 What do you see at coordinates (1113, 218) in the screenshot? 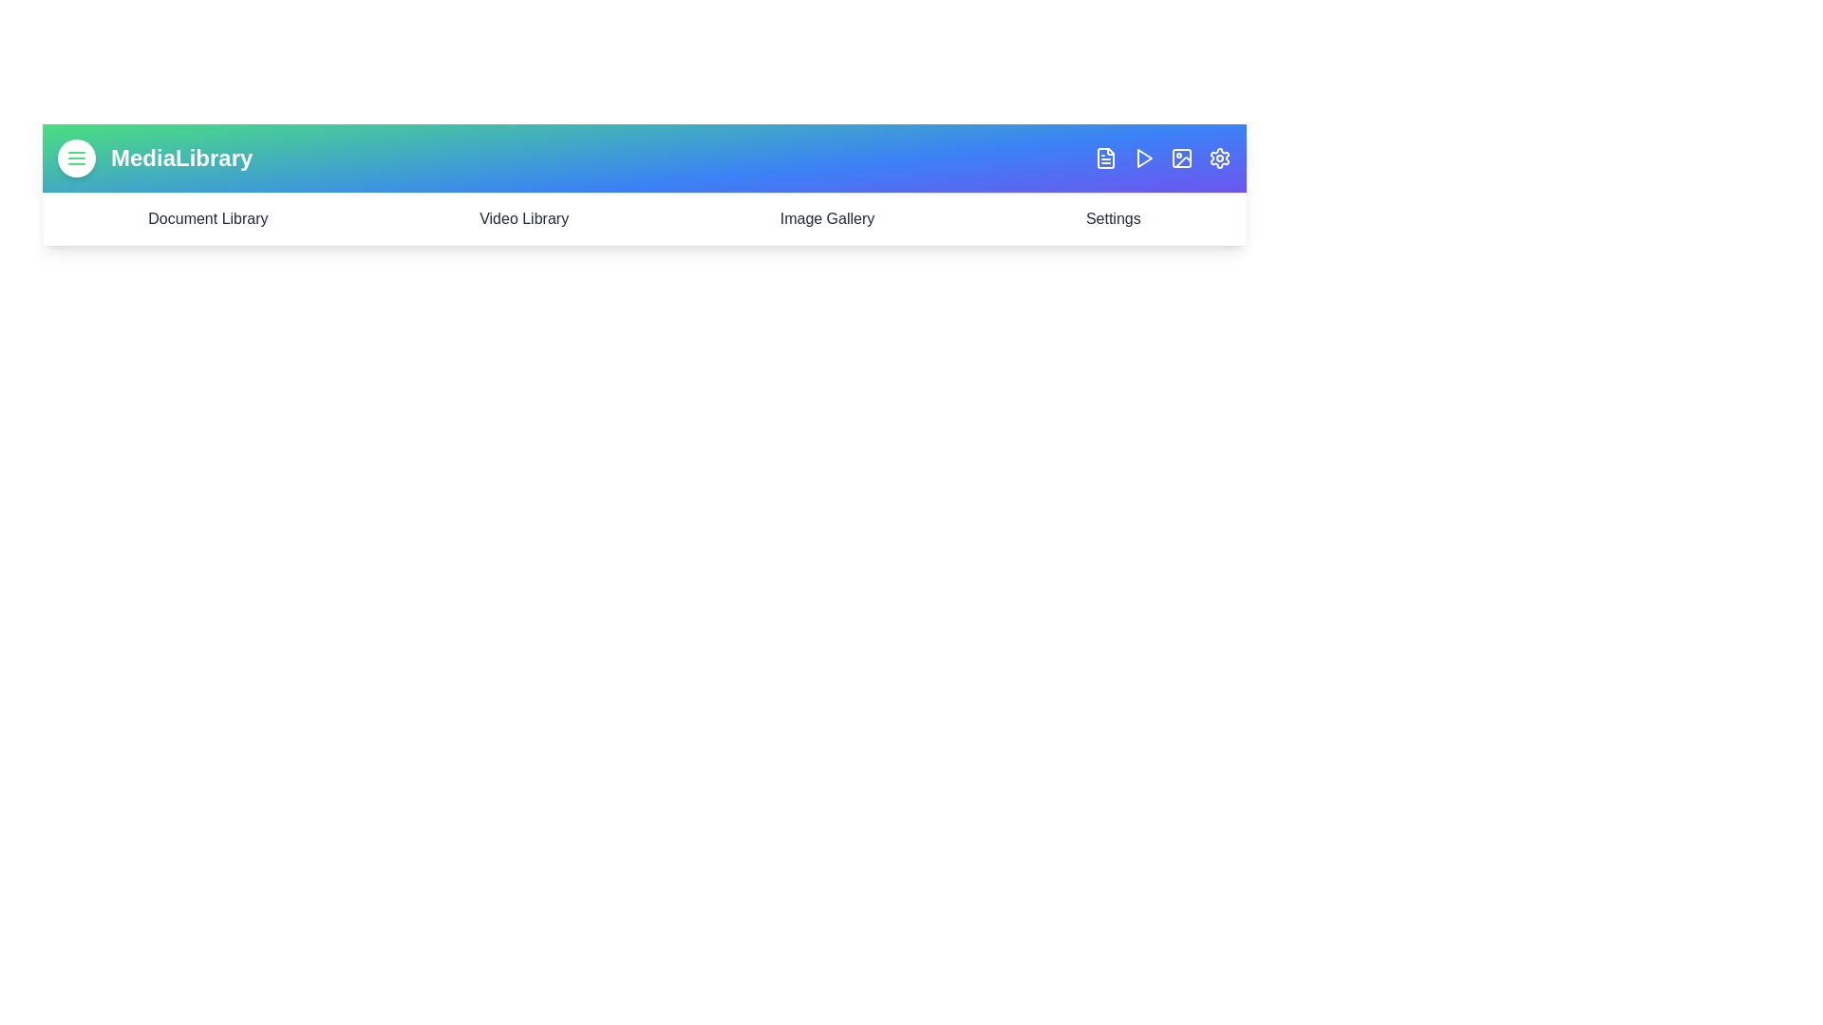
I see `the 'Settings' option in the navigation bar` at bounding box center [1113, 218].